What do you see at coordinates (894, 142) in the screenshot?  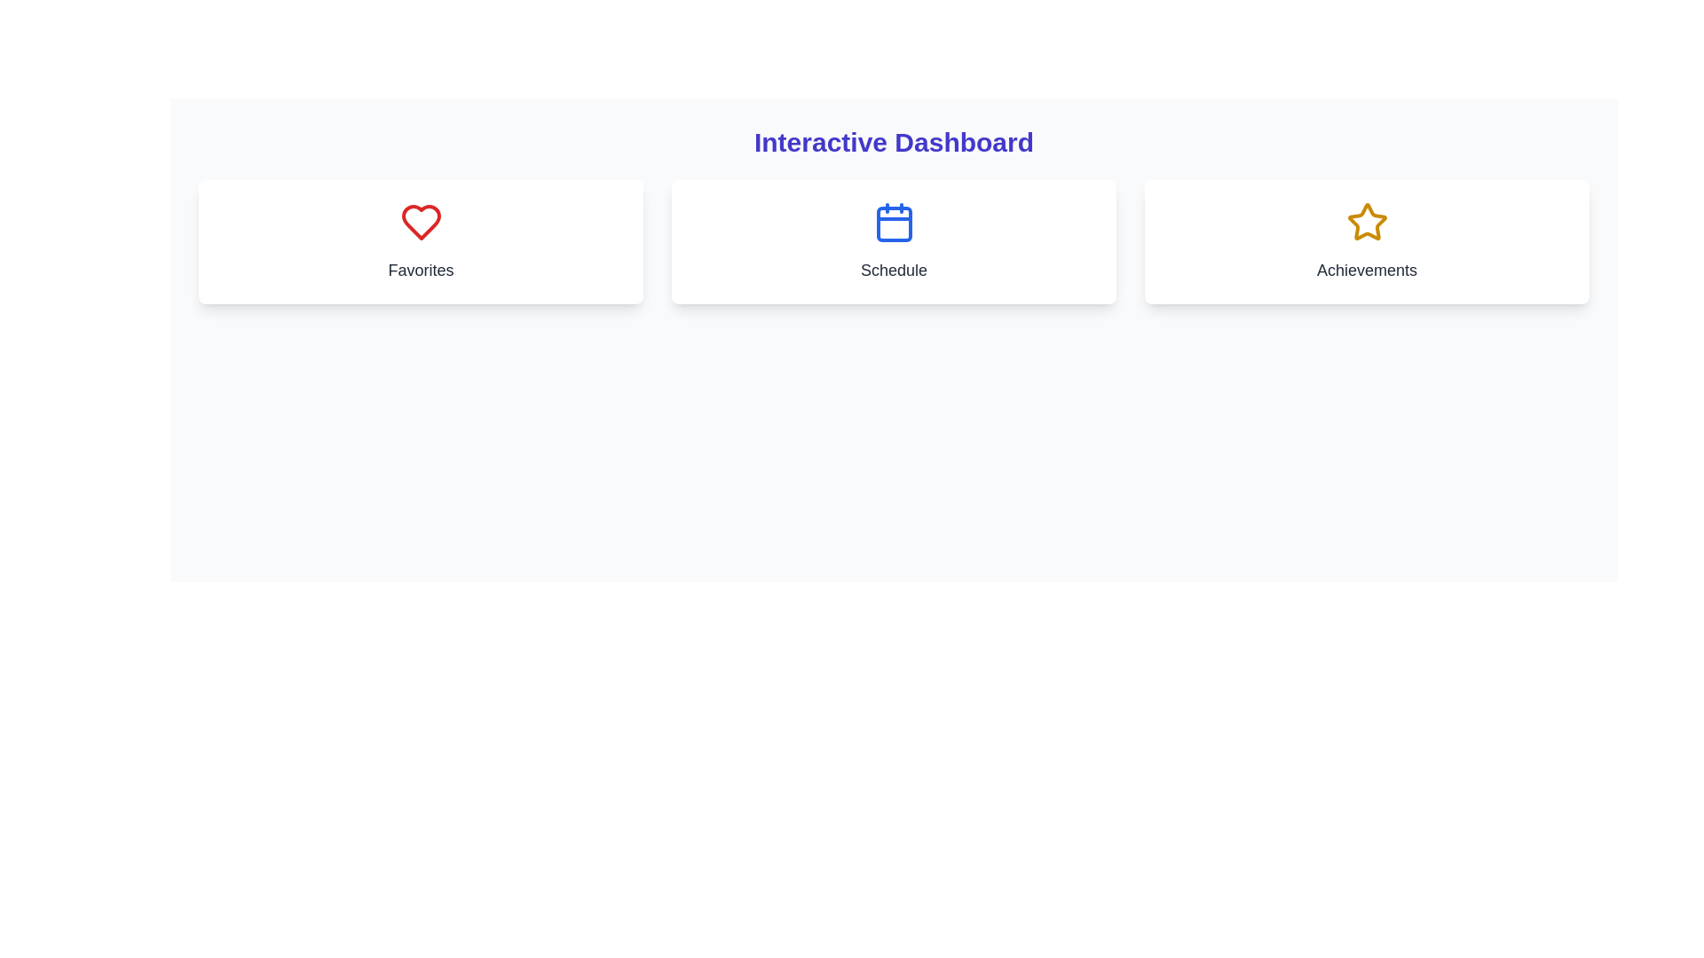 I see `the static text element that serves as the prominent title or heading for the interface, located centrally at the top of the main content area` at bounding box center [894, 142].